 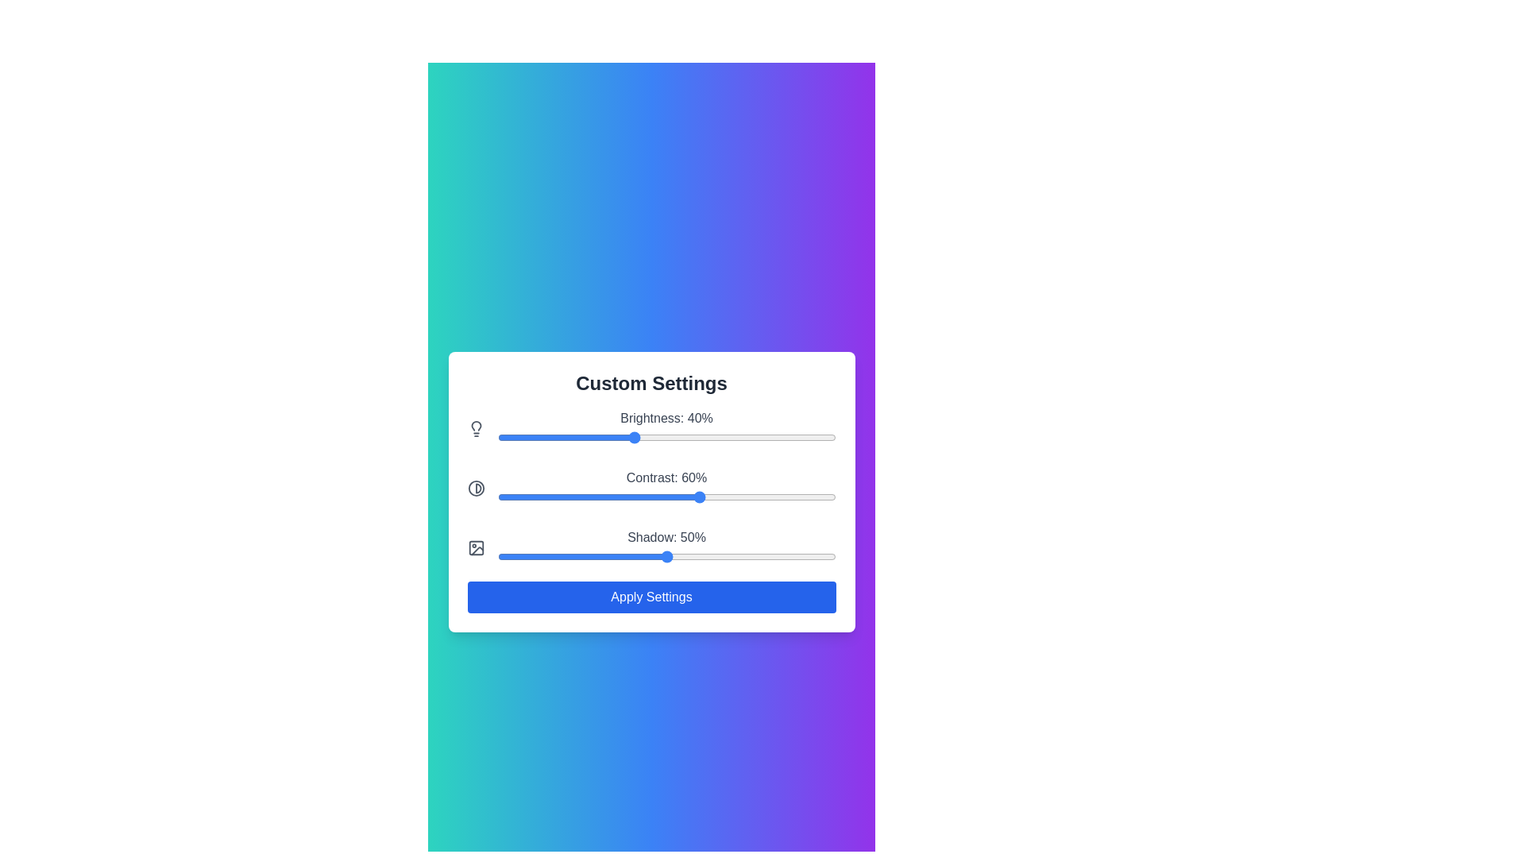 What do you see at coordinates (670, 555) in the screenshot?
I see `the Shadow slider to set its value to 51` at bounding box center [670, 555].